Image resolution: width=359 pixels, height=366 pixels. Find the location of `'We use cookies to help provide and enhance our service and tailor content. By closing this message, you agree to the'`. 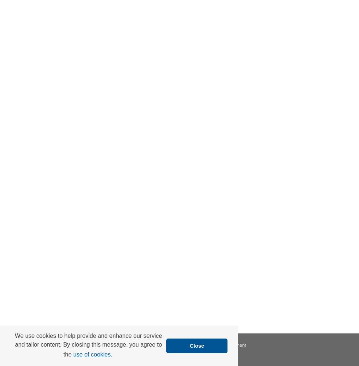

'We use cookies to help provide and enhance our service and tailor content. By closing this message, you agree to the' is located at coordinates (88, 344).